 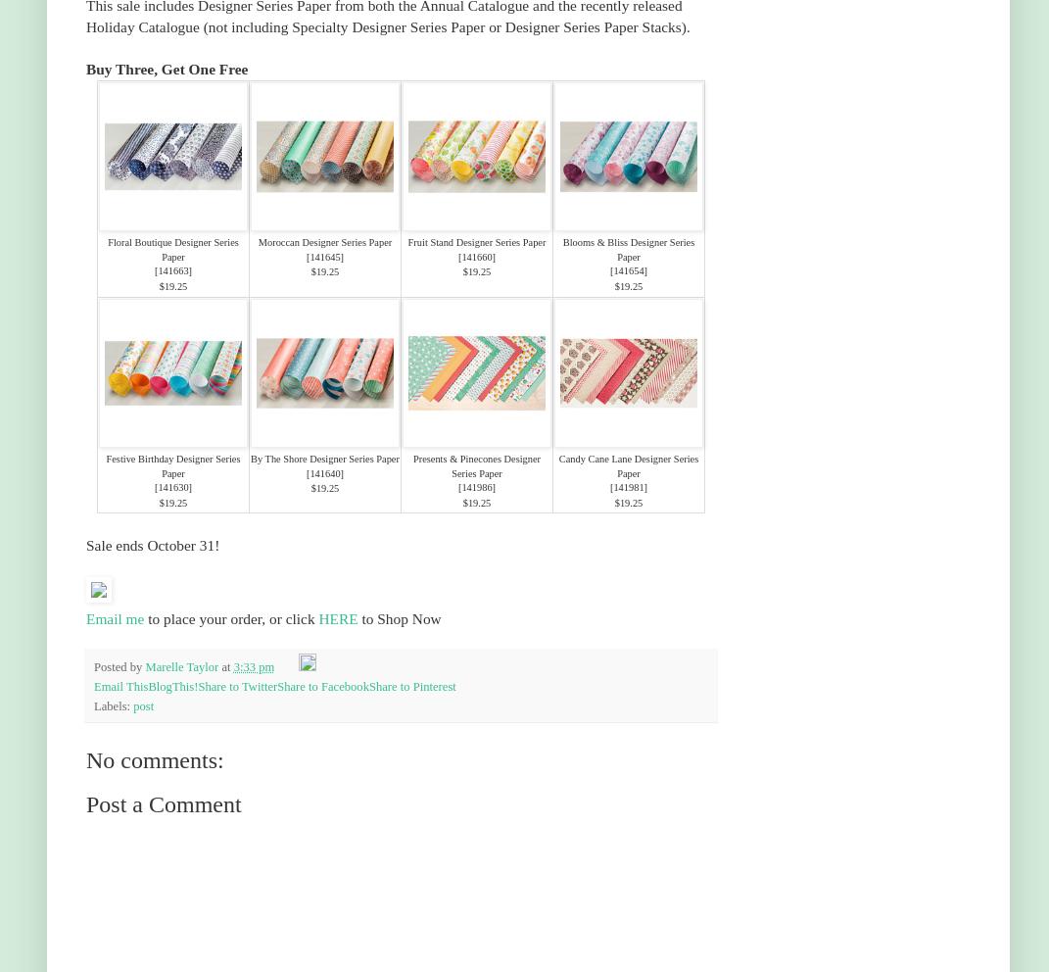 What do you see at coordinates (143, 705) in the screenshot?
I see `'post'` at bounding box center [143, 705].